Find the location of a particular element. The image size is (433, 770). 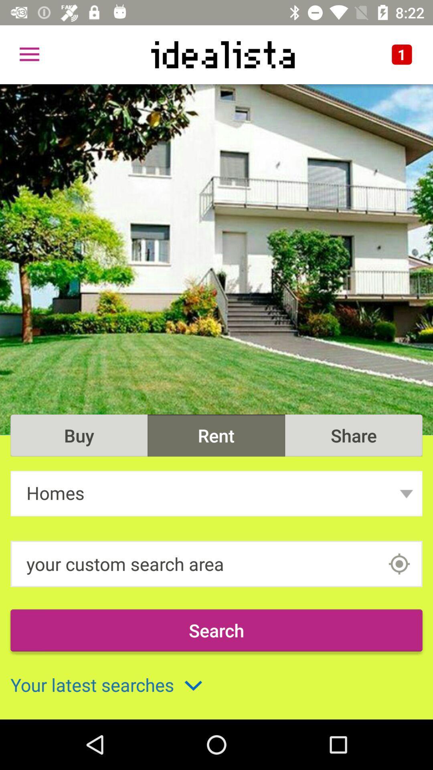

current location icon is located at coordinates (399, 563).